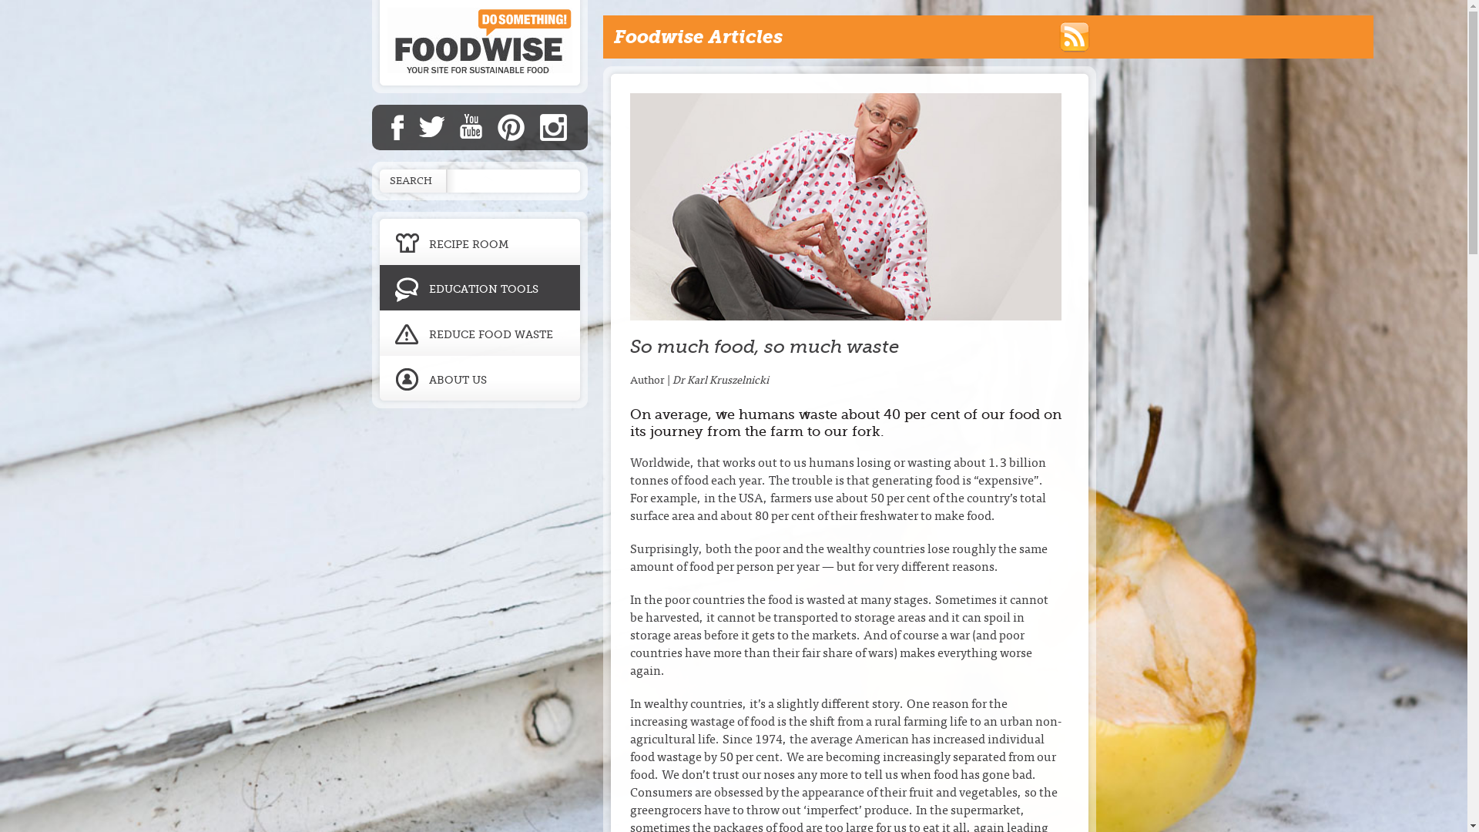 Image resolution: width=1479 pixels, height=832 pixels. What do you see at coordinates (845, 206) in the screenshot?
I see `'Dr Karl banner'` at bounding box center [845, 206].